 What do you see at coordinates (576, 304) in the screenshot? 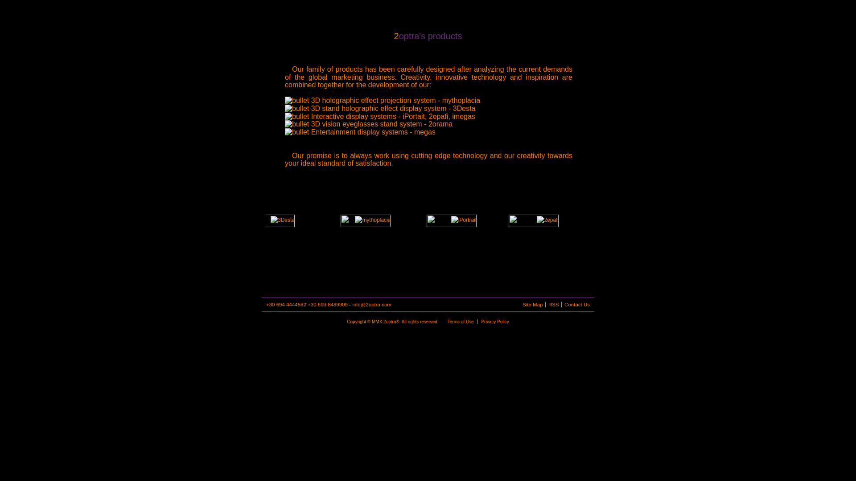
I see `'Contact Us'` at bounding box center [576, 304].